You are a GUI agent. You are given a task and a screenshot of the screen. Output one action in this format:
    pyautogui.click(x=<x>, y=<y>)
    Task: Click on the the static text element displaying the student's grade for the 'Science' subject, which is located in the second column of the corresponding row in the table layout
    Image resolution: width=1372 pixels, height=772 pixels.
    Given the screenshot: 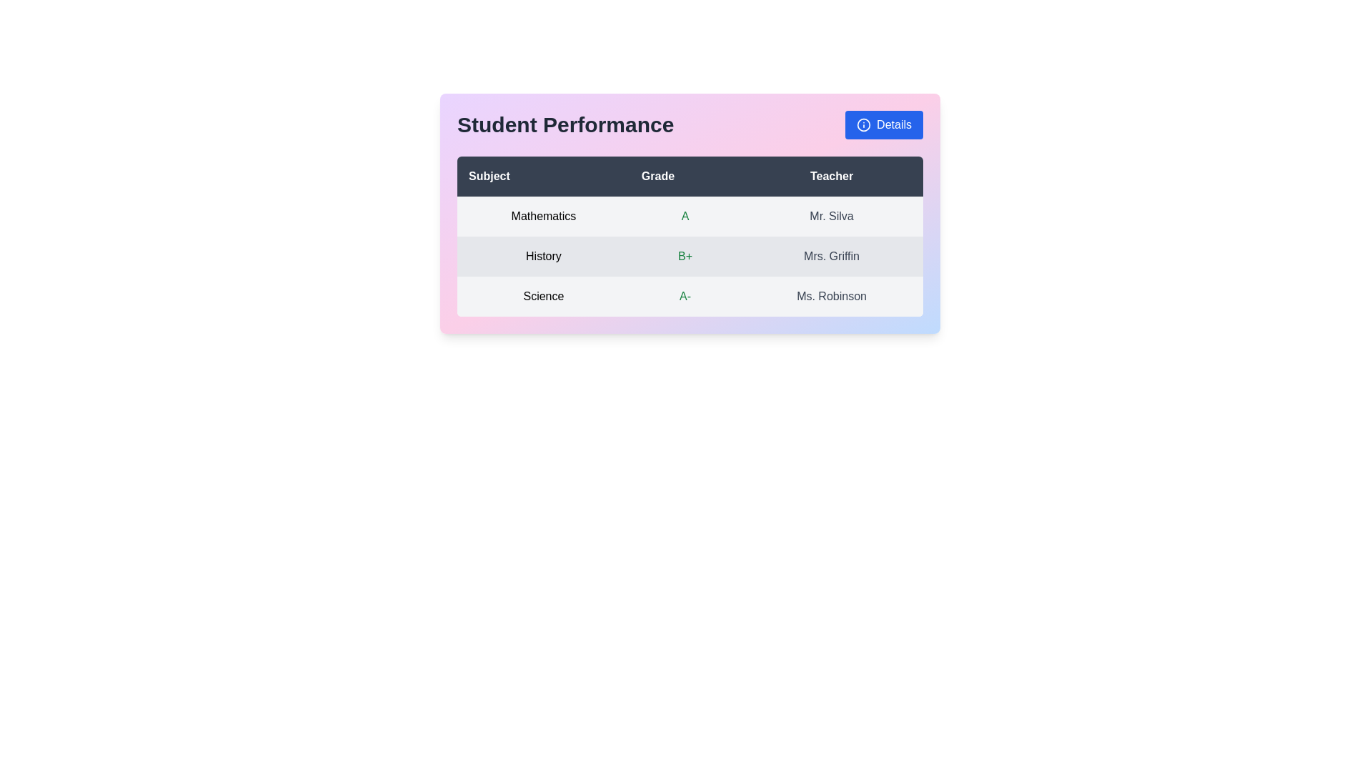 What is the action you would take?
    pyautogui.click(x=685, y=296)
    